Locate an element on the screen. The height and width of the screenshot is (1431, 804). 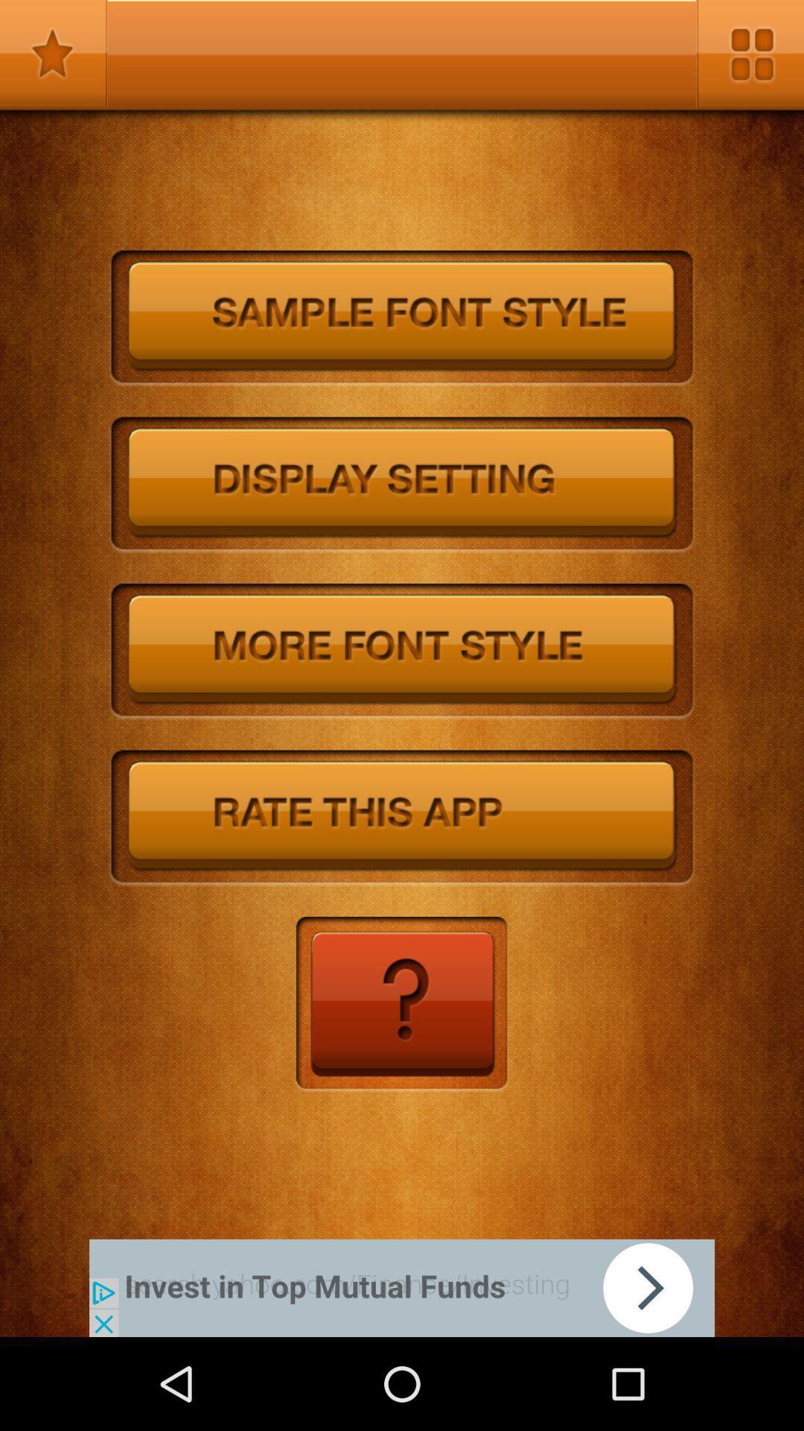
more styles is located at coordinates (402, 651).